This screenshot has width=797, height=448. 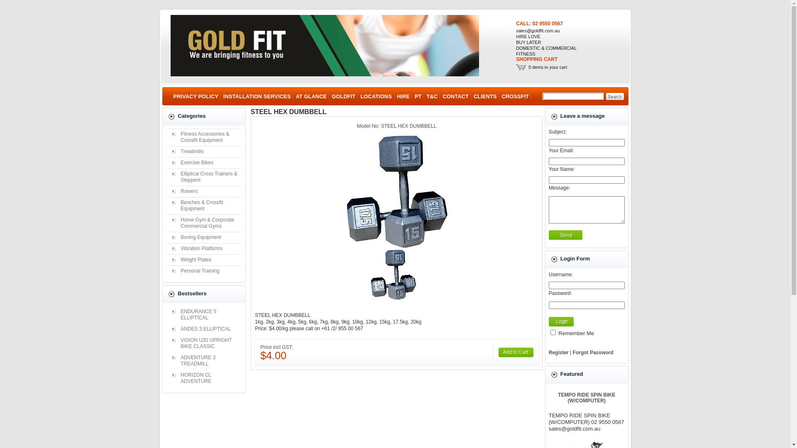 What do you see at coordinates (474, 95) in the screenshot?
I see `'CLIENTS'` at bounding box center [474, 95].